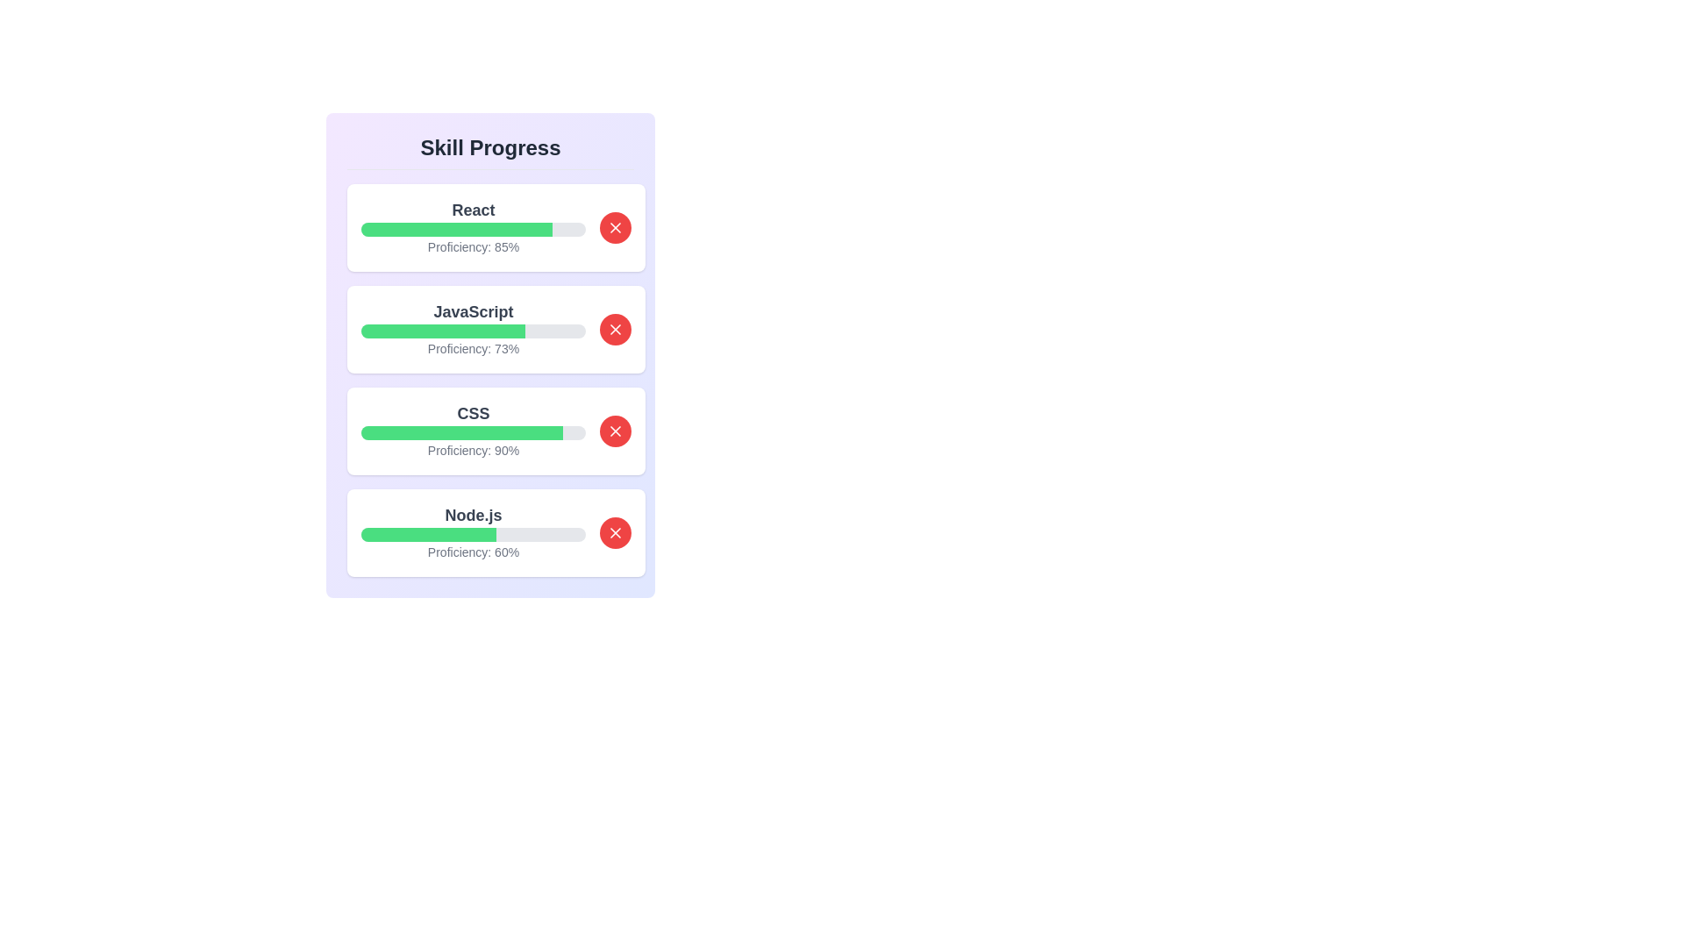 This screenshot has height=947, width=1684. I want to click on remove button for the skill CSS, so click(615, 431).